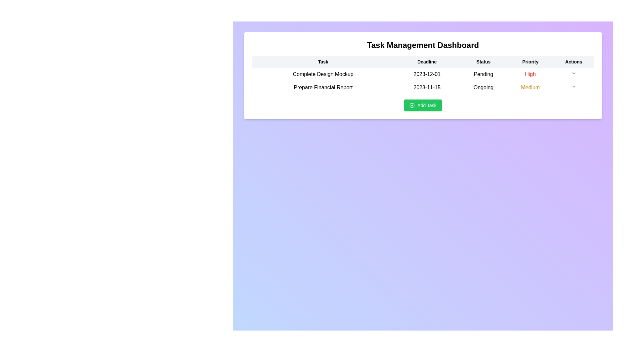 Image resolution: width=635 pixels, height=357 pixels. Describe the element at coordinates (422, 45) in the screenshot. I see `header text 'Task Management Dashboard' which is displayed in a large, bold font at the top of the white card above the task table` at that location.